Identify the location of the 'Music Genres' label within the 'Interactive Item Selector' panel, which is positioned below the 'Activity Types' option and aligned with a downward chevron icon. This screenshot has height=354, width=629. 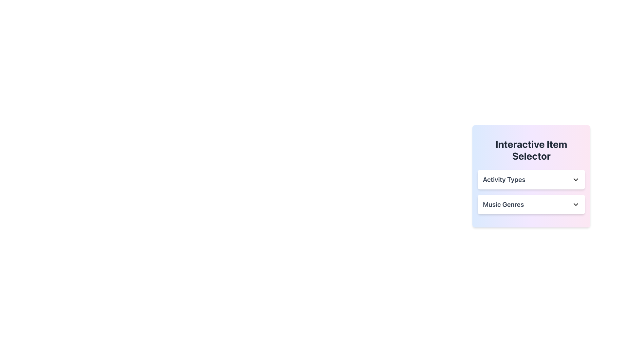
(503, 204).